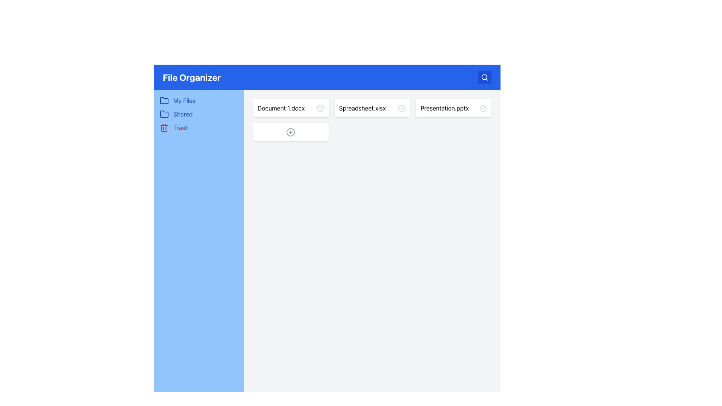  Describe the element at coordinates (485, 77) in the screenshot. I see `the search icon located at the far-right end of the header bar` at that location.